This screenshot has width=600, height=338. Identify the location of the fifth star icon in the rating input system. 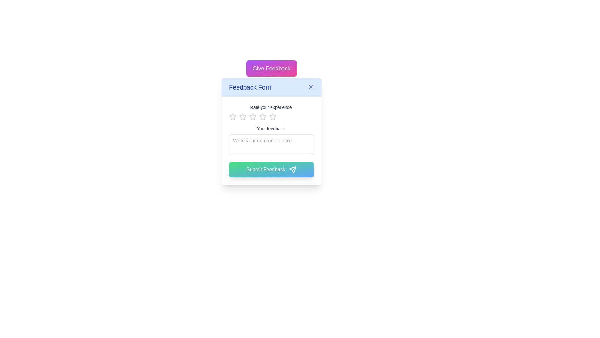
(273, 117).